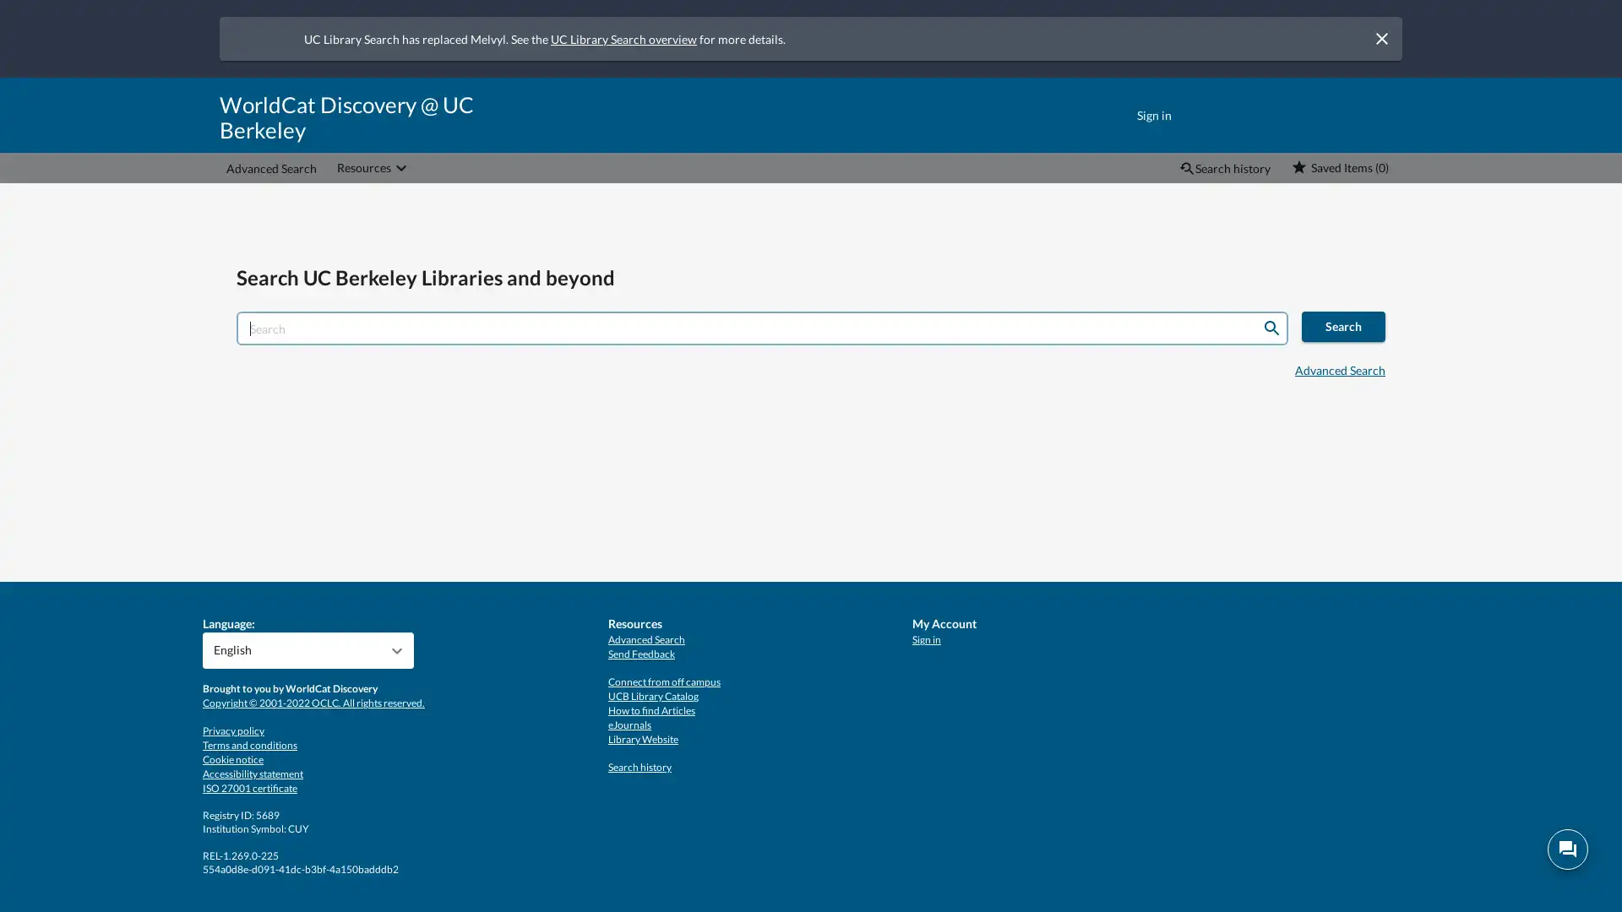  I want to click on Search, so click(1271, 328).